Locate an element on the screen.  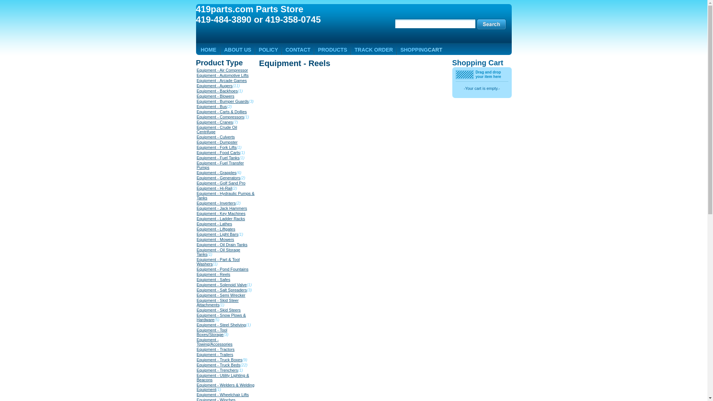
'Equipment - Tool Boxes/Storage' is located at coordinates (212, 332).